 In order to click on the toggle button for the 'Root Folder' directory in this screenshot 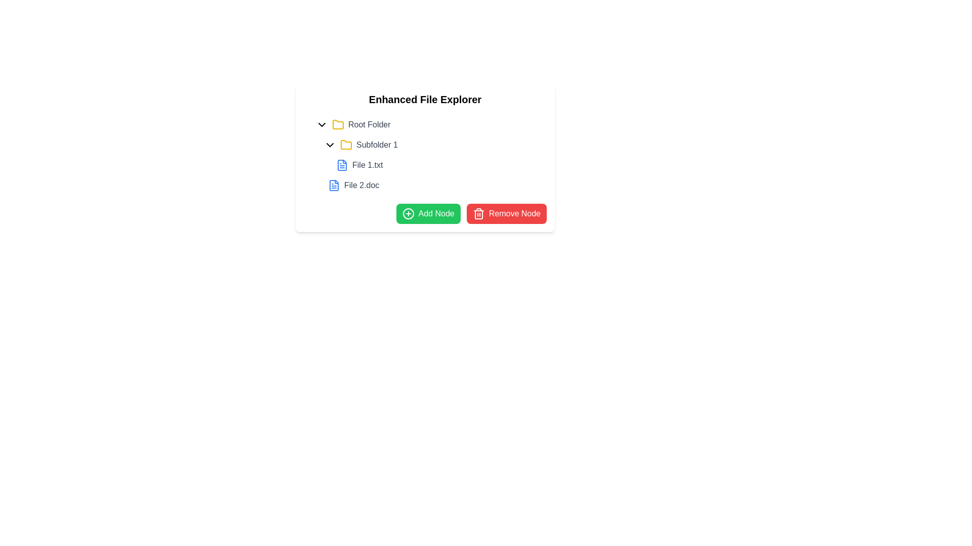, I will do `click(321, 124)`.